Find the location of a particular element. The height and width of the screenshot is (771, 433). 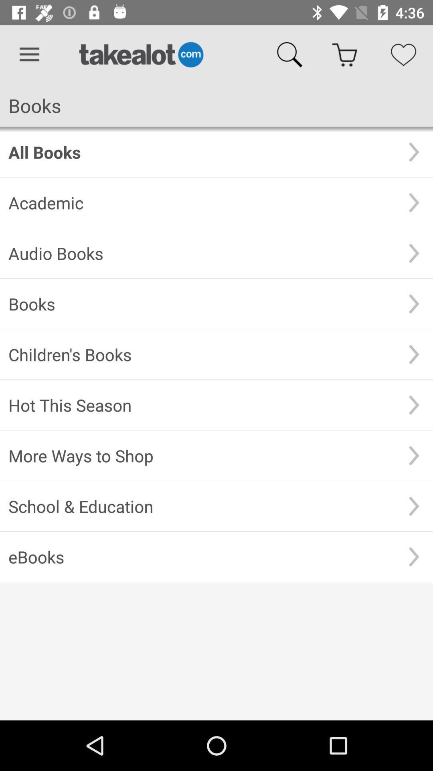

the children's books icon is located at coordinates (201, 354).